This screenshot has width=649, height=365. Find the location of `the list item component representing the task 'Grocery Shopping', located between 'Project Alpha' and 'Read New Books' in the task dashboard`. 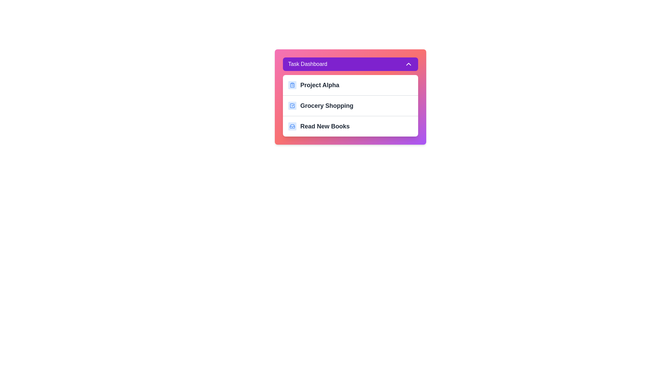

the list item component representing the task 'Grocery Shopping', located between 'Project Alpha' and 'Read New Books' in the task dashboard is located at coordinates (350, 105).